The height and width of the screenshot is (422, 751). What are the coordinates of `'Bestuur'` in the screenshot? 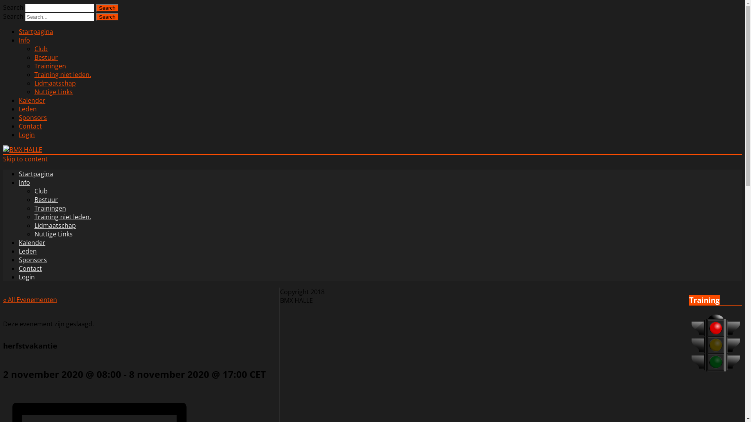 It's located at (46, 57).